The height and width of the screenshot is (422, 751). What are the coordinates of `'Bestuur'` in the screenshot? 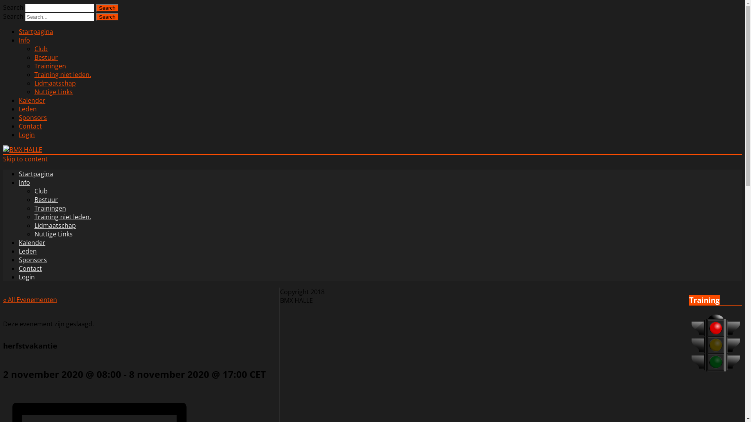 It's located at (46, 57).